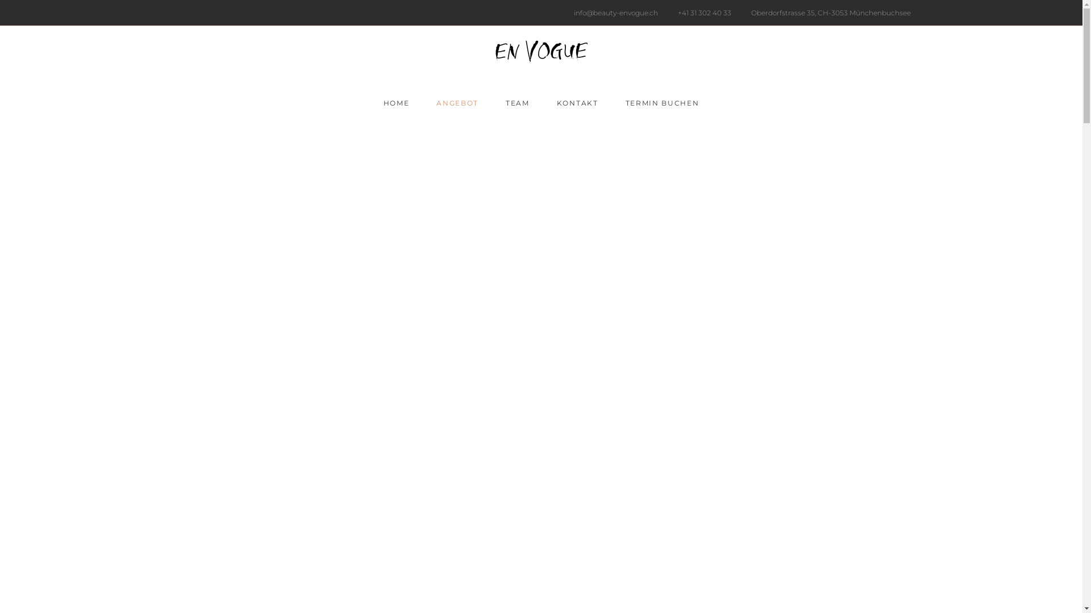  What do you see at coordinates (613, 12) in the screenshot?
I see `'info@beauty-envogue.ch'` at bounding box center [613, 12].